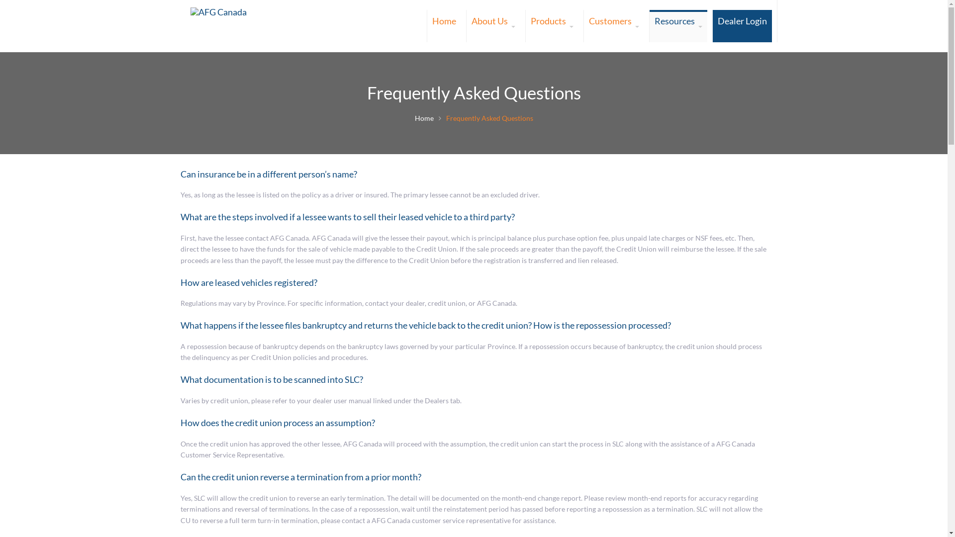  Describe the element at coordinates (613, 25) in the screenshot. I see `'Customers'` at that location.